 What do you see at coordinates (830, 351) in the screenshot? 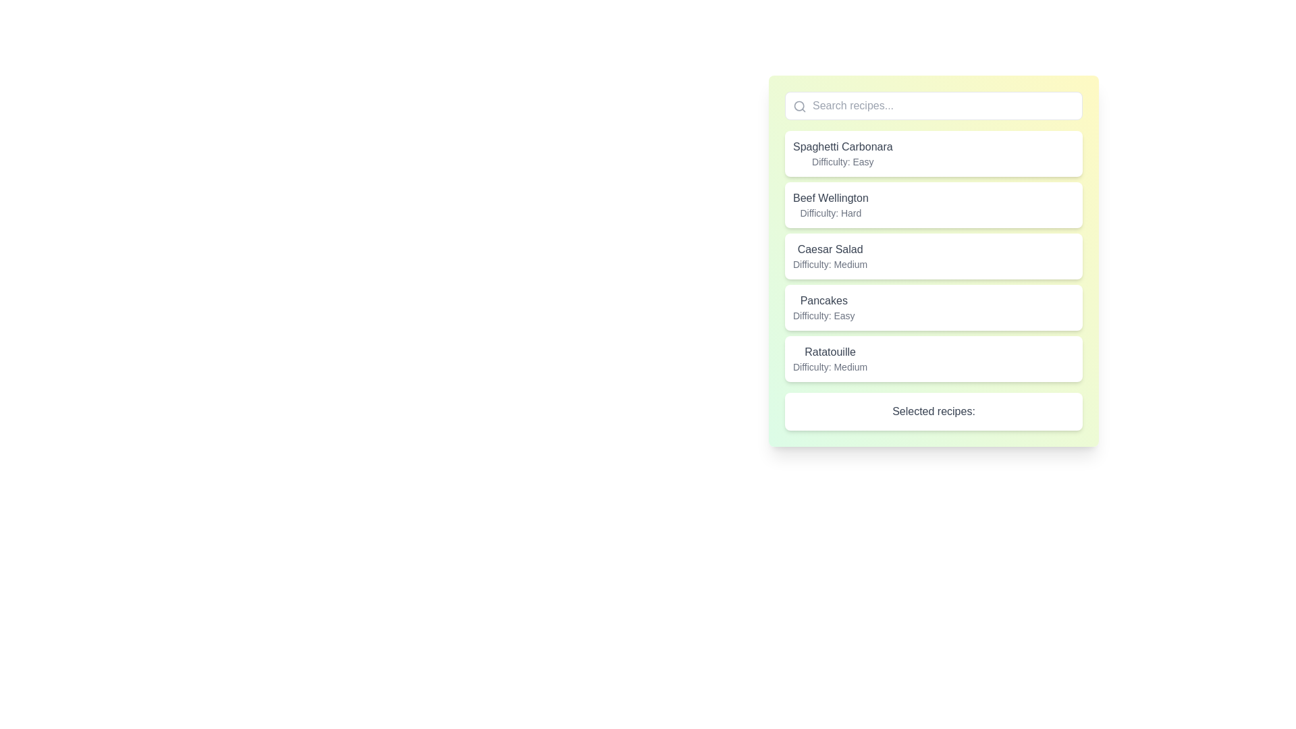
I see `the text label identifying the recipe as 'Ratatouille' located in the fifth row of the recipe list, above 'Difficulty: Medium.'` at bounding box center [830, 351].